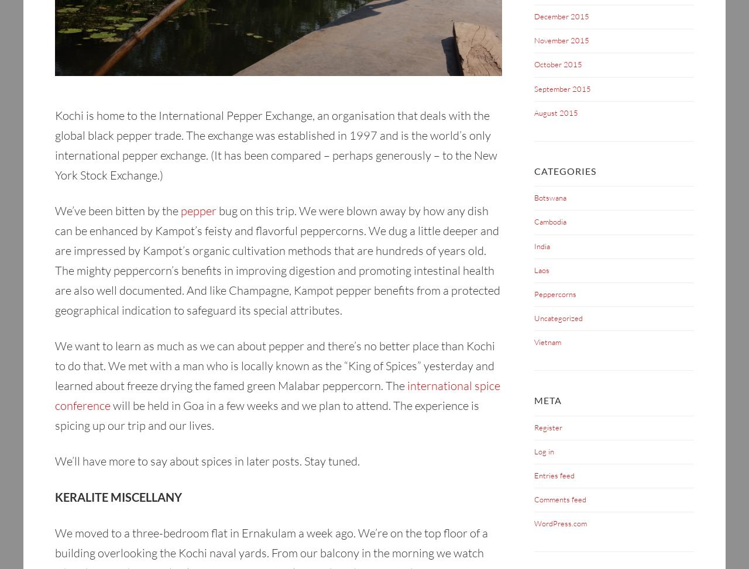  Describe the element at coordinates (558, 318) in the screenshot. I see `'Uncategorized'` at that location.